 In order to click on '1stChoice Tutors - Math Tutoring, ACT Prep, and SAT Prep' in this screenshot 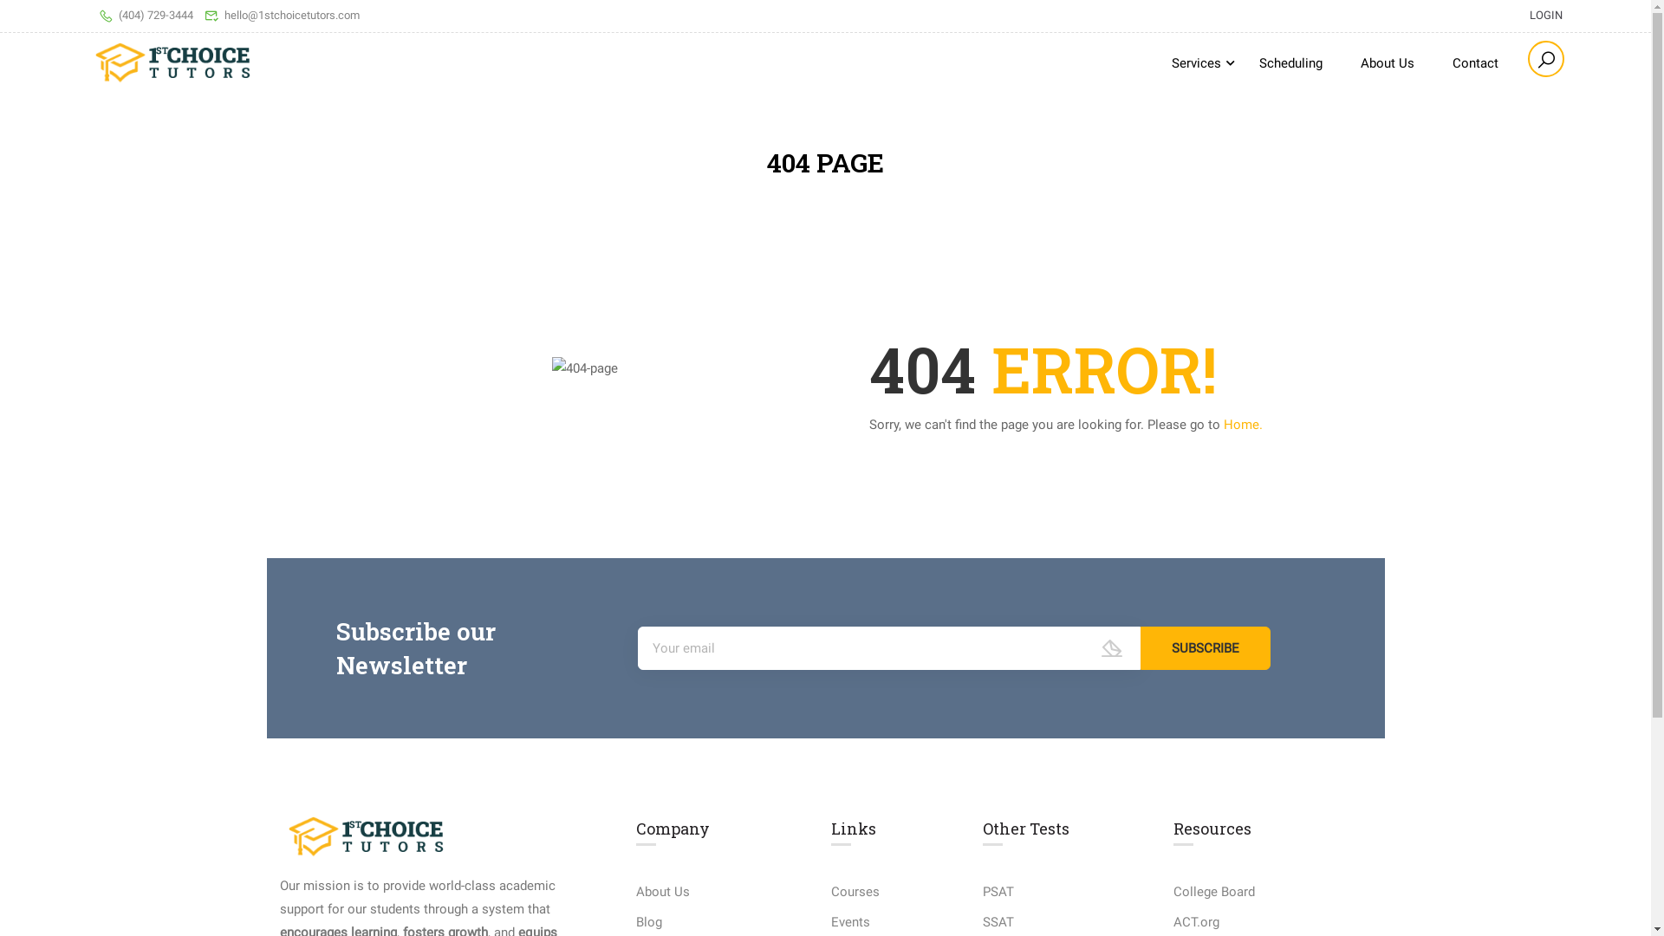, I will do `click(173, 62)`.